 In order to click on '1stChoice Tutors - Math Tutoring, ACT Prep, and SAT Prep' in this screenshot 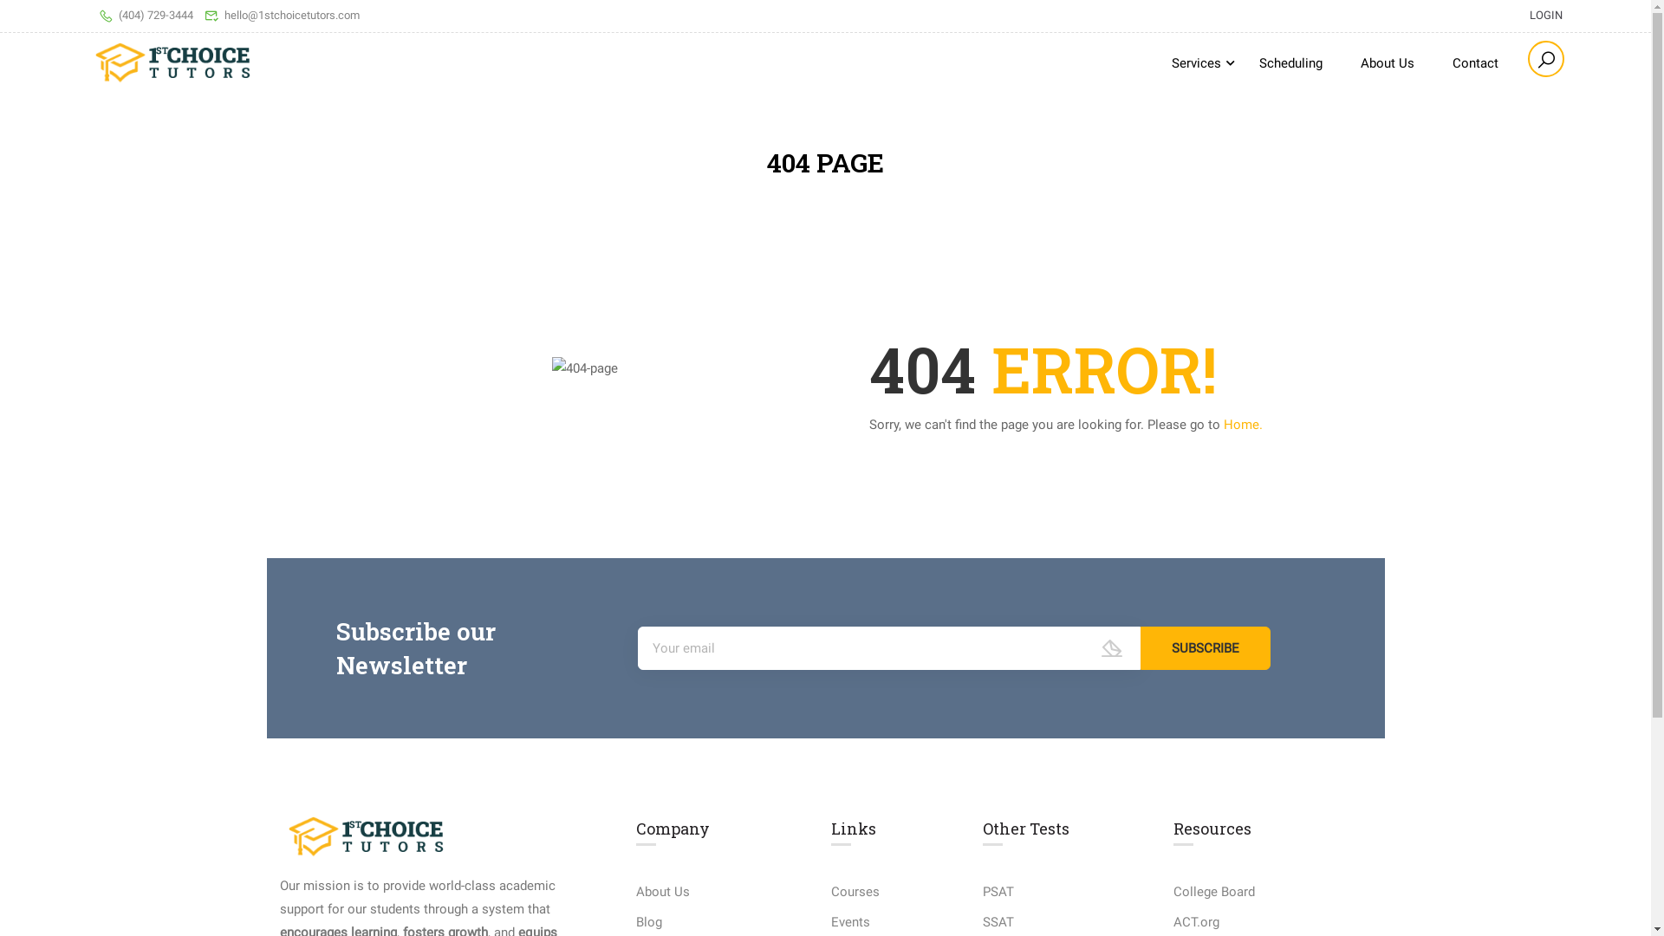, I will do `click(173, 62)`.